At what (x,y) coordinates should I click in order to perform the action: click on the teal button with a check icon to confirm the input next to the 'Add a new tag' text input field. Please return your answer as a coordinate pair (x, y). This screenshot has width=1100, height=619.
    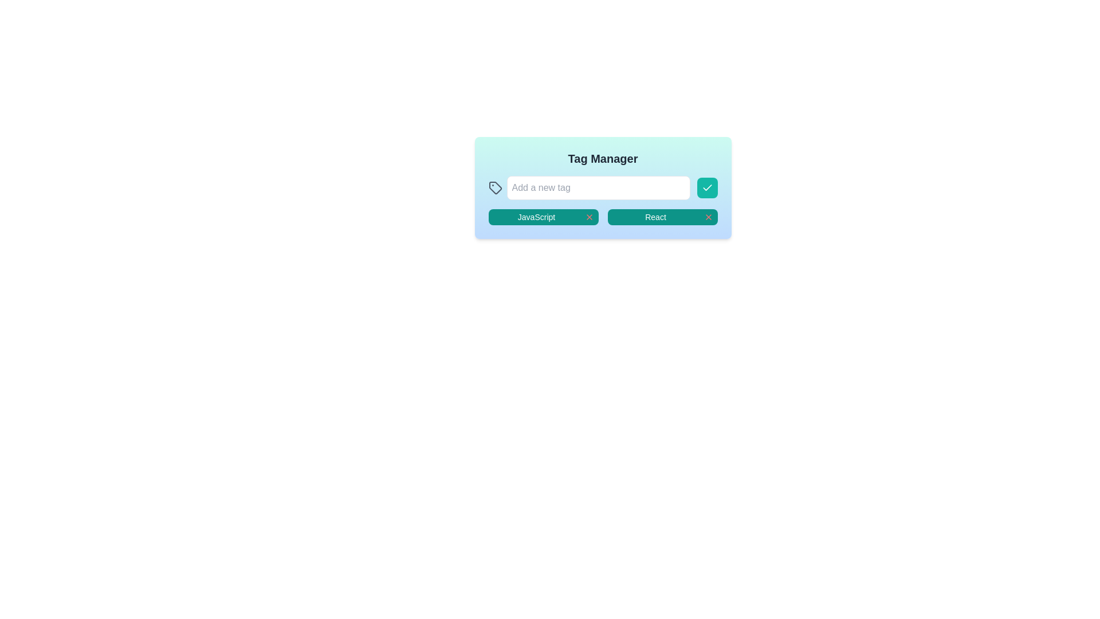
    Looking at the image, I should click on (706, 187).